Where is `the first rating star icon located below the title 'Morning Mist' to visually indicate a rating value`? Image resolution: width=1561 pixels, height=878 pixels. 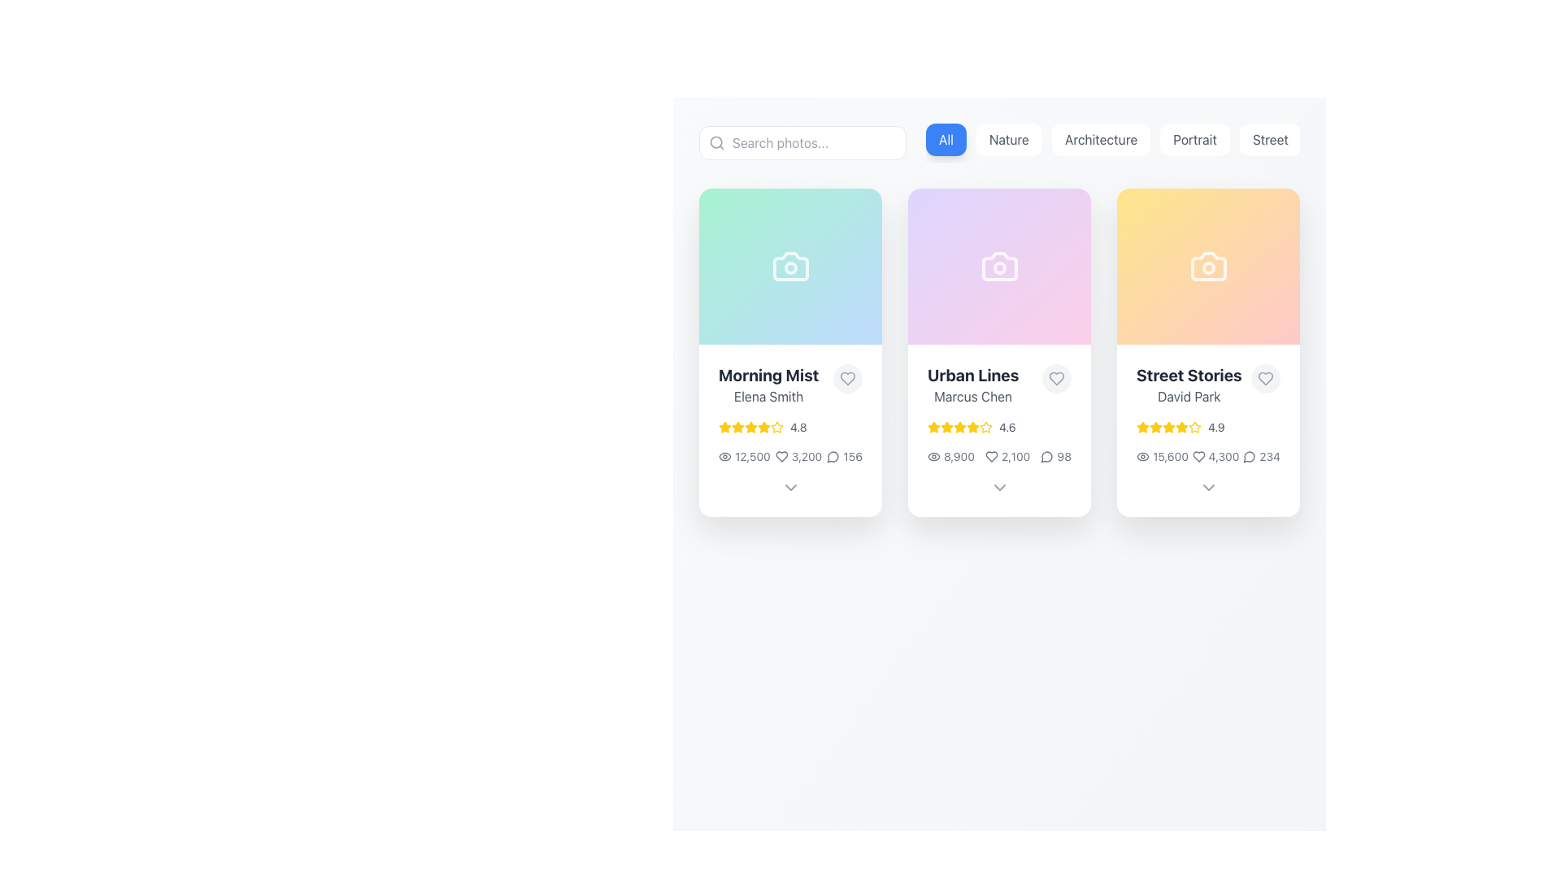
the first rating star icon located below the title 'Morning Mist' to visually indicate a rating value is located at coordinates (763, 426).